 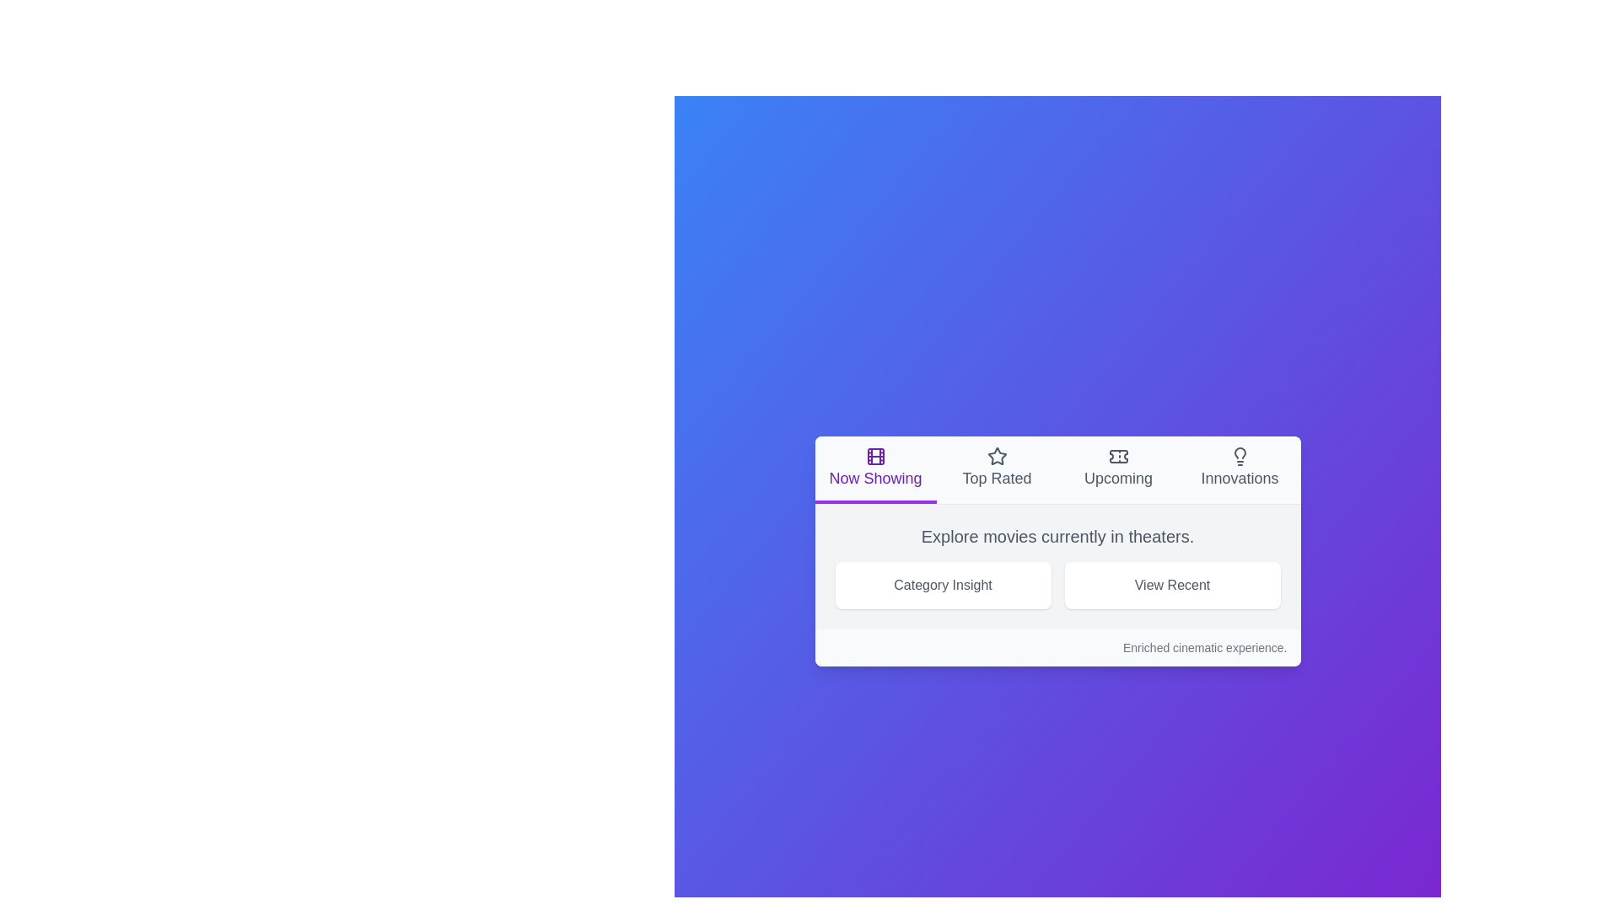 What do you see at coordinates (875, 456) in the screenshot?
I see `the first rectangular icon with rounded corners in the horizontal menu bar at the top of the card interface` at bounding box center [875, 456].